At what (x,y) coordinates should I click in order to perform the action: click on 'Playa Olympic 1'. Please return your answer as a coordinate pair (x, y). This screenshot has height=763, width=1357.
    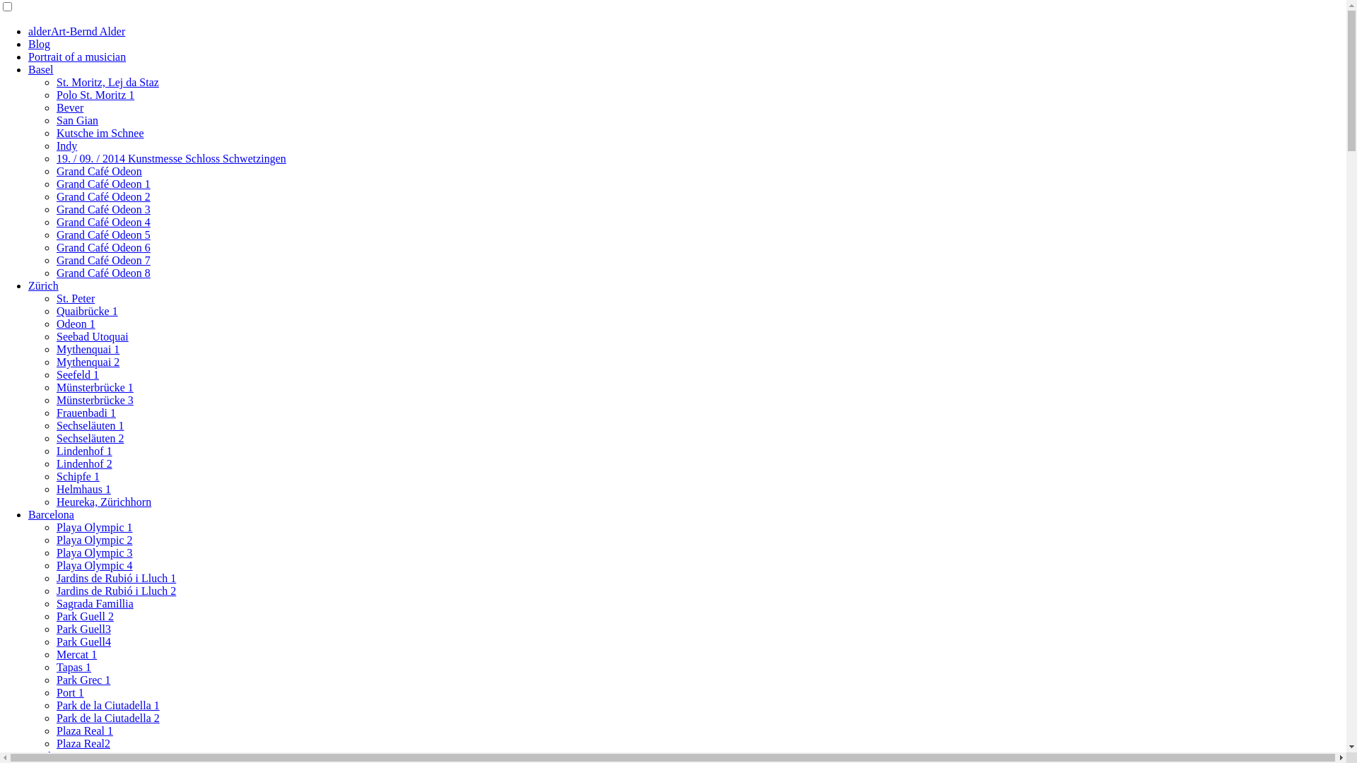
    Looking at the image, I should click on (57, 527).